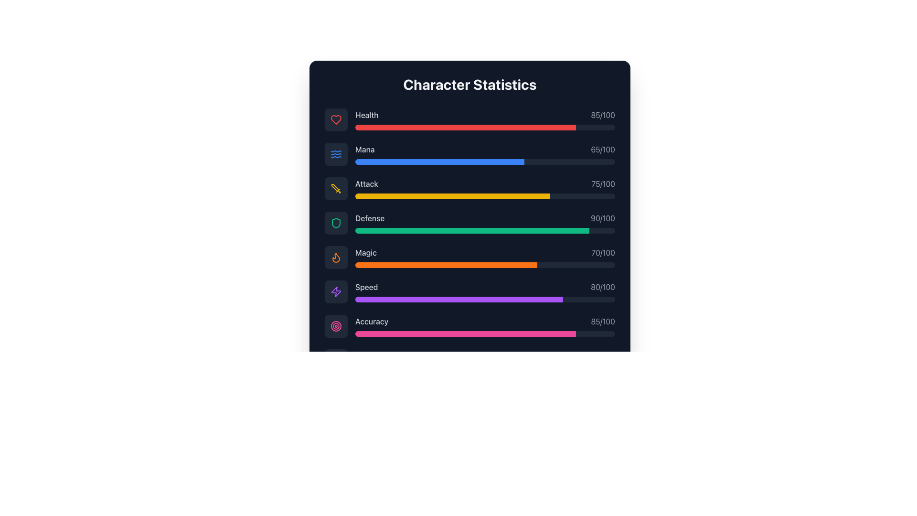 This screenshot has width=917, height=516. Describe the element at coordinates (602, 287) in the screenshot. I see `the 'Speed' metric text label located on the right side of the row labeled 'Speed' in the 'Character Statistics' section` at that location.